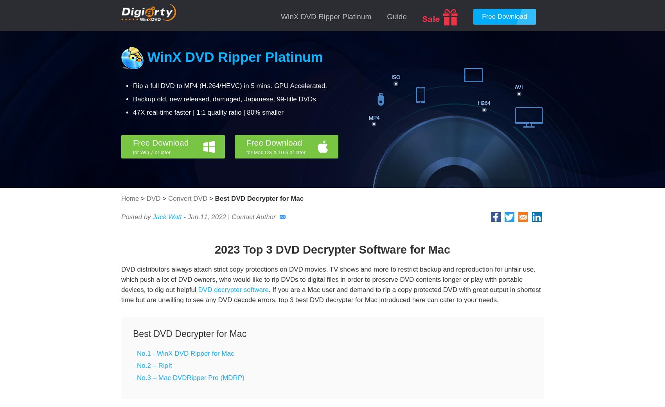 Image resolution: width=665 pixels, height=407 pixels. I want to click on 'for Win 7 or later', so click(133, 152).